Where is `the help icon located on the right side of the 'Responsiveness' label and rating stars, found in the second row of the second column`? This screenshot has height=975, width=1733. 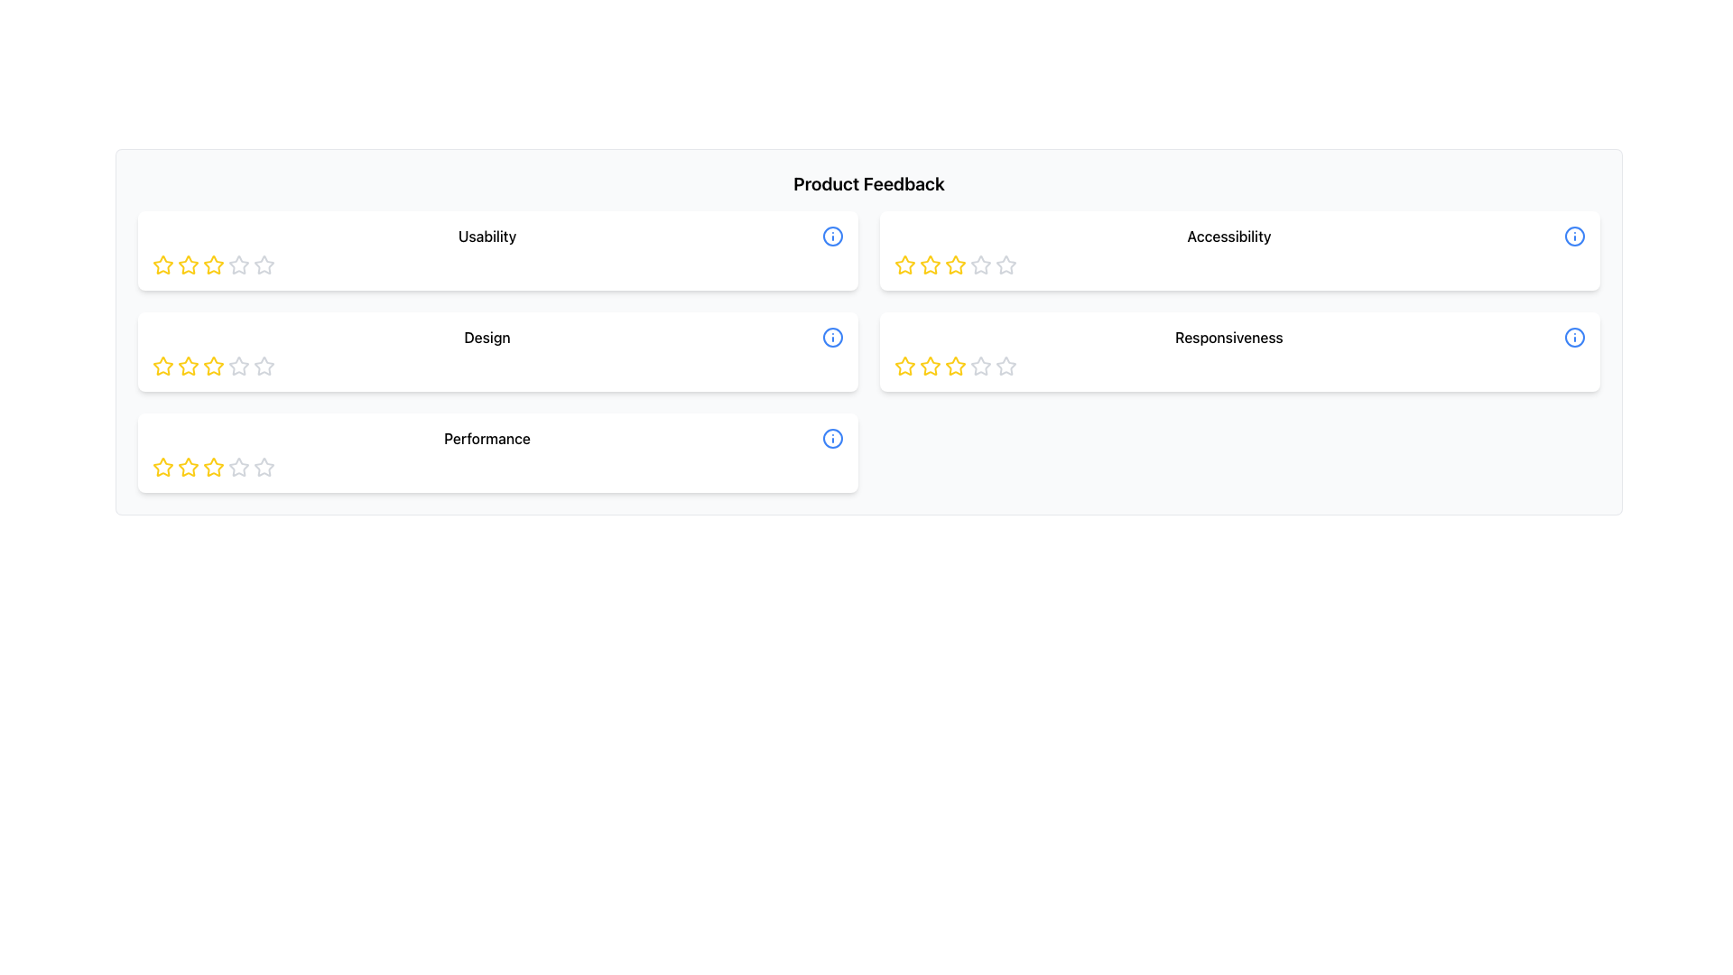
the help icon located on the right side of the 'Responsiveness' label and rating stars, found in the second row of the second column is located at coordinates (1574, 338).